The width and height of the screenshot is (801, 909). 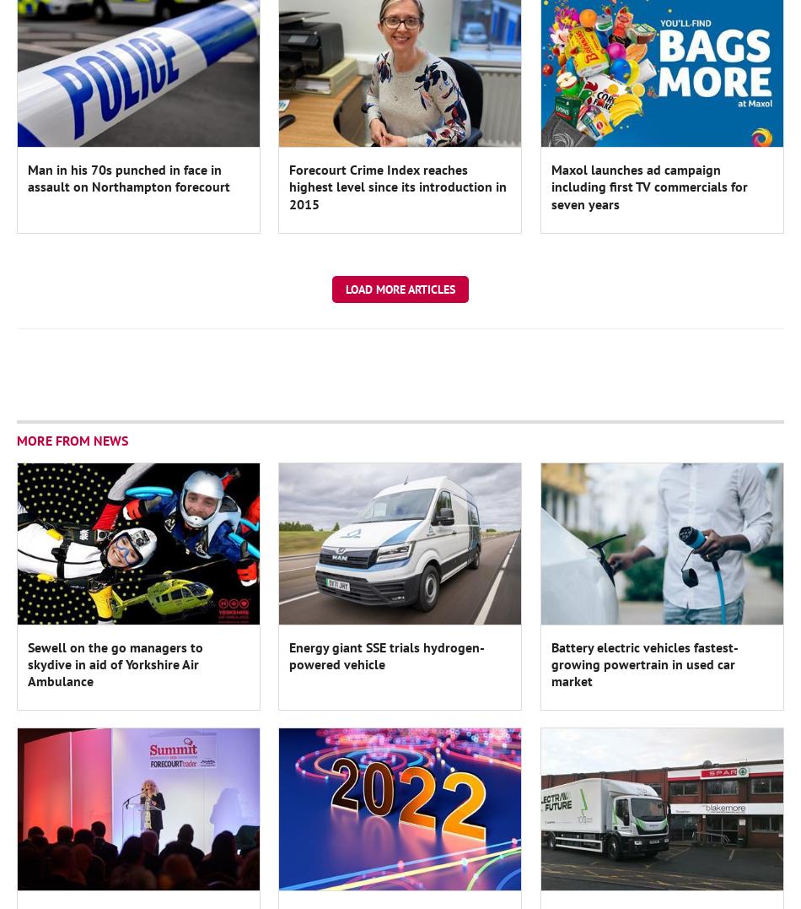 What do you see at coordinates (72, 119) in the screenshot?
I see `'Related articles'` at bounding box center [72, 119].